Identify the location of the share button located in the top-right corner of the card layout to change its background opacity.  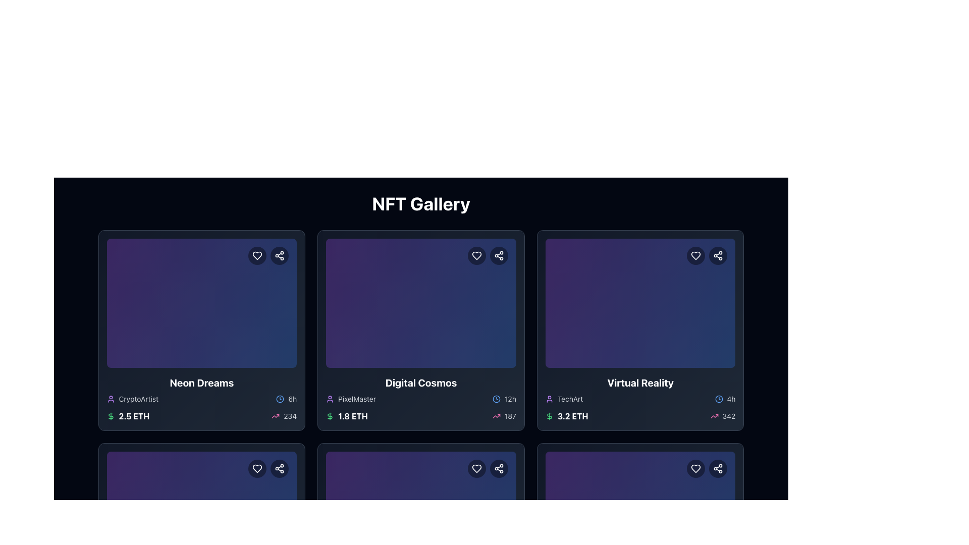
(280, 469).